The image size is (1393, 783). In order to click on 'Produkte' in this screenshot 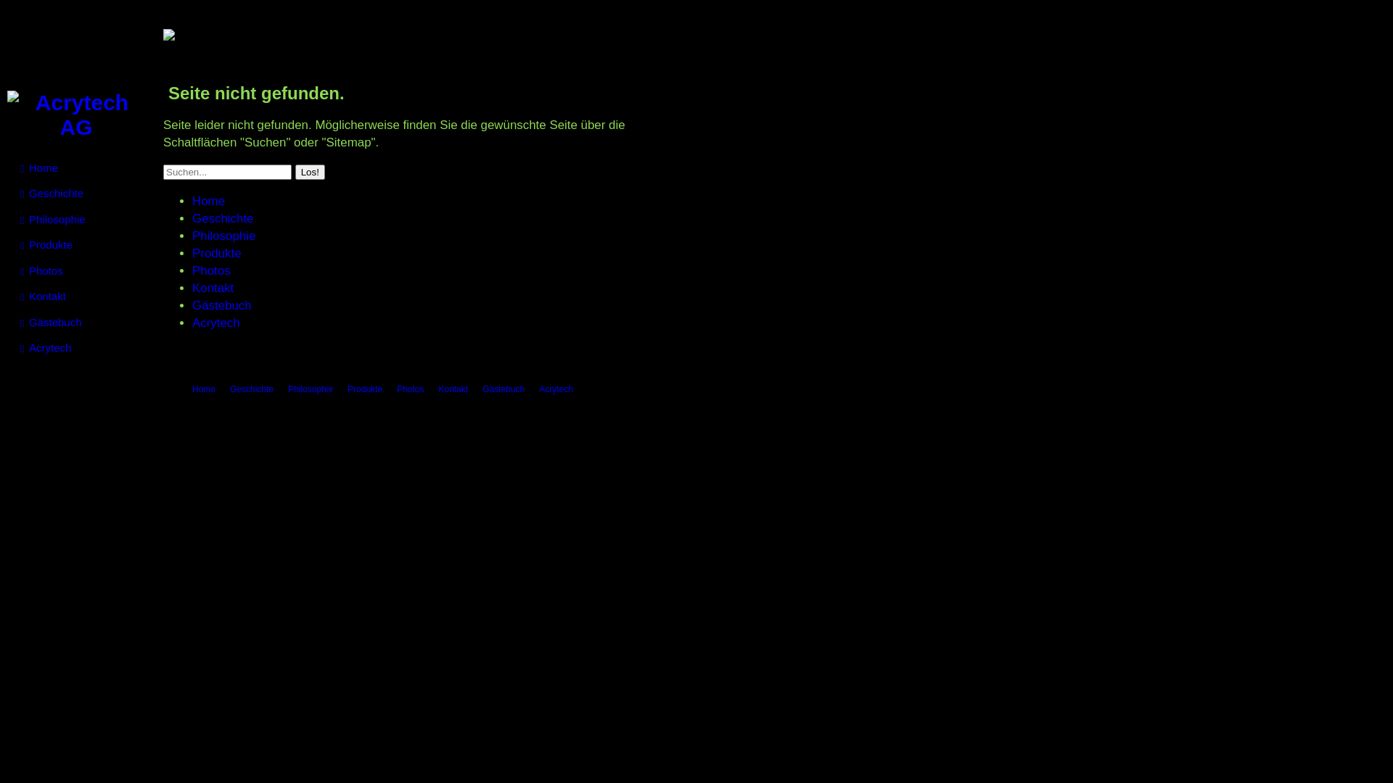, I will do `click(365, 388)`.